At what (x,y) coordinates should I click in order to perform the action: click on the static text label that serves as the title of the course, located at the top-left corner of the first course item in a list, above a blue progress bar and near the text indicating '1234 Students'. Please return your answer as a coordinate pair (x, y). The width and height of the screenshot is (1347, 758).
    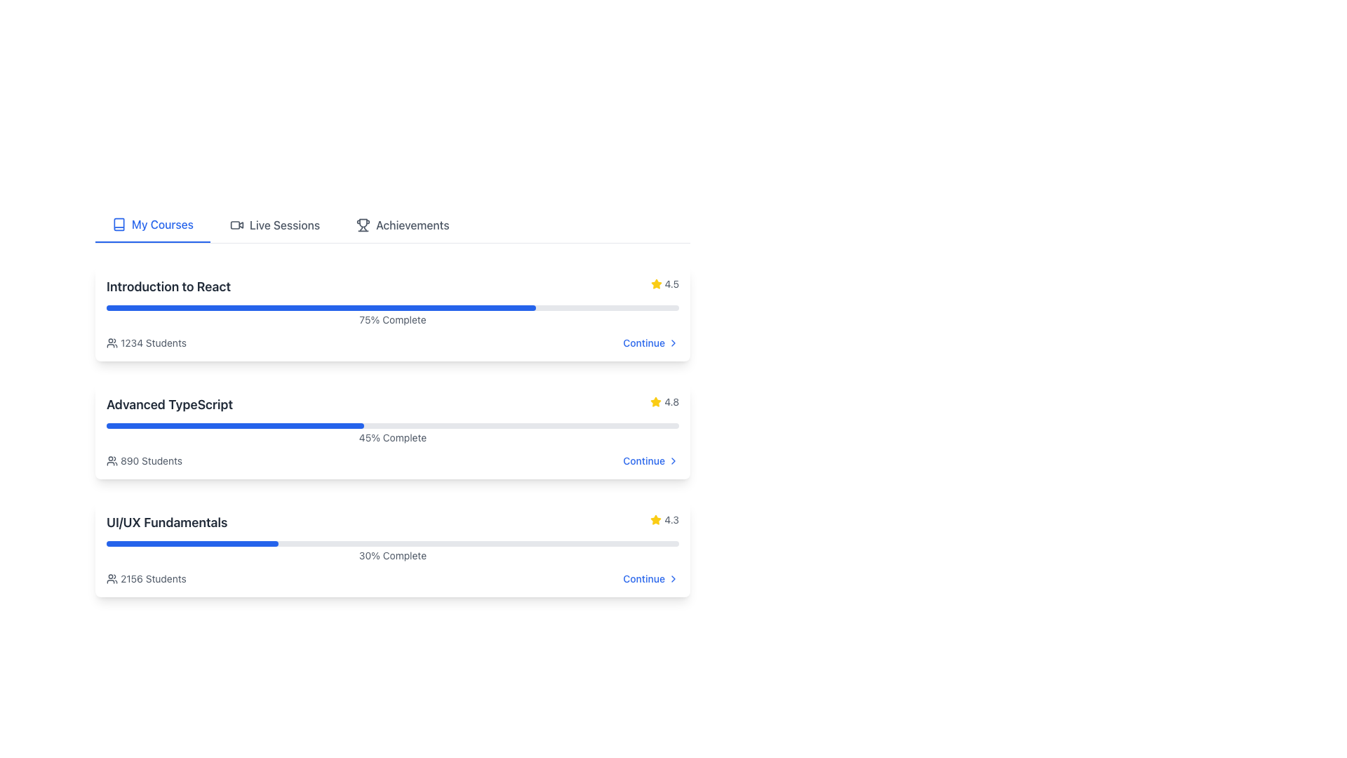
    Looking at the image, I should click on (168, 286).